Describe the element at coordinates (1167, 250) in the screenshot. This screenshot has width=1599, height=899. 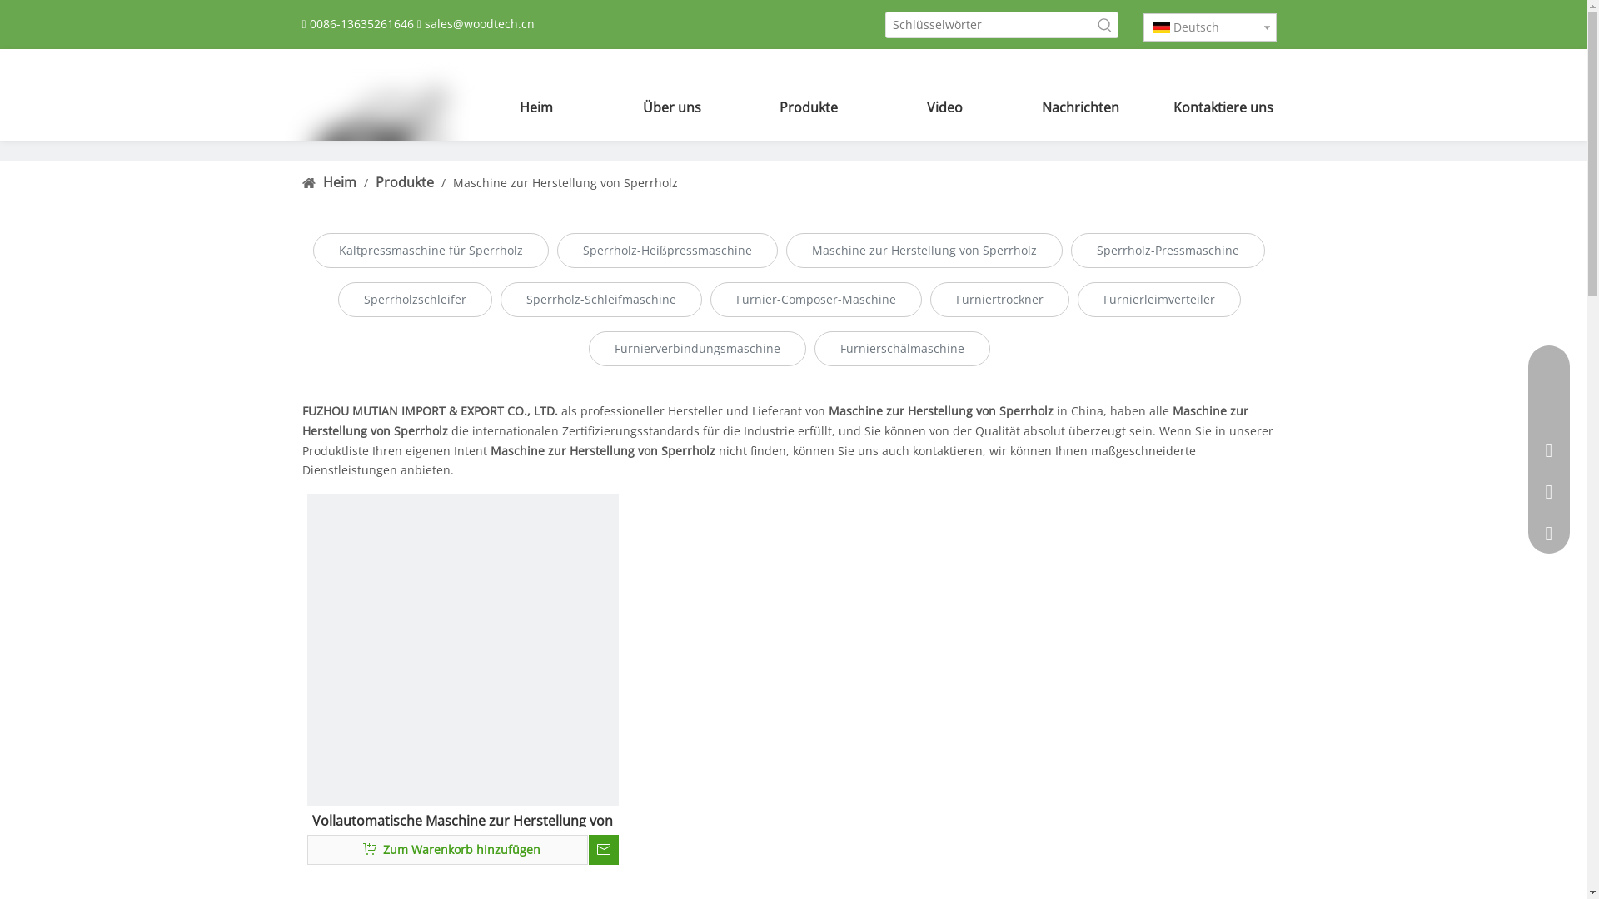
I see `'Sperrholz-Pressmaschine'` at that location.